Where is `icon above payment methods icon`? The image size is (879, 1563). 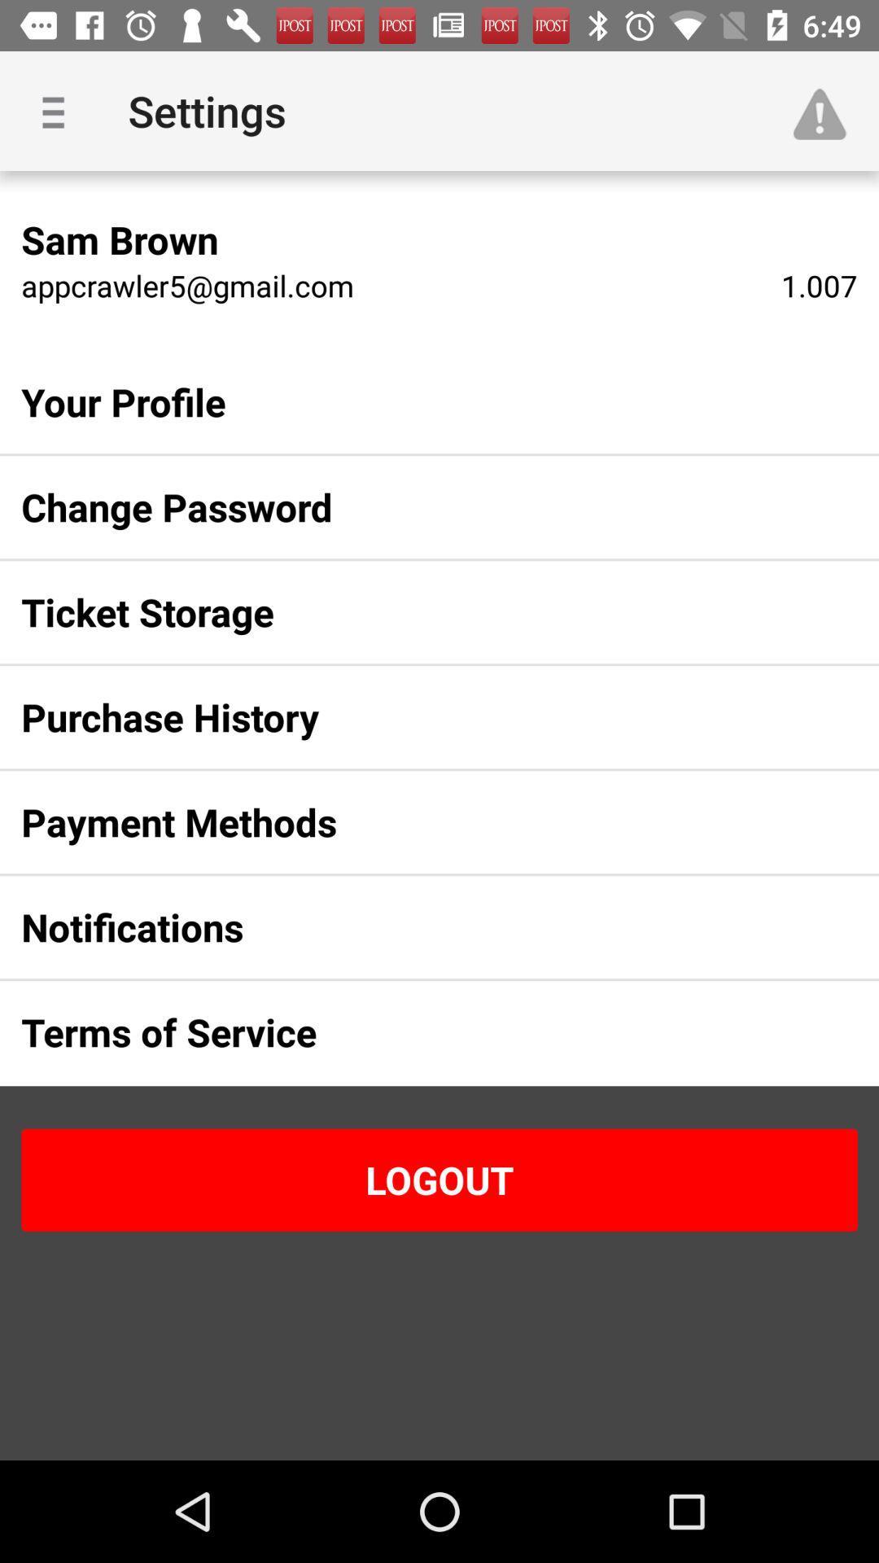 icon above payment methods icon is located at coordinates (413, 716).